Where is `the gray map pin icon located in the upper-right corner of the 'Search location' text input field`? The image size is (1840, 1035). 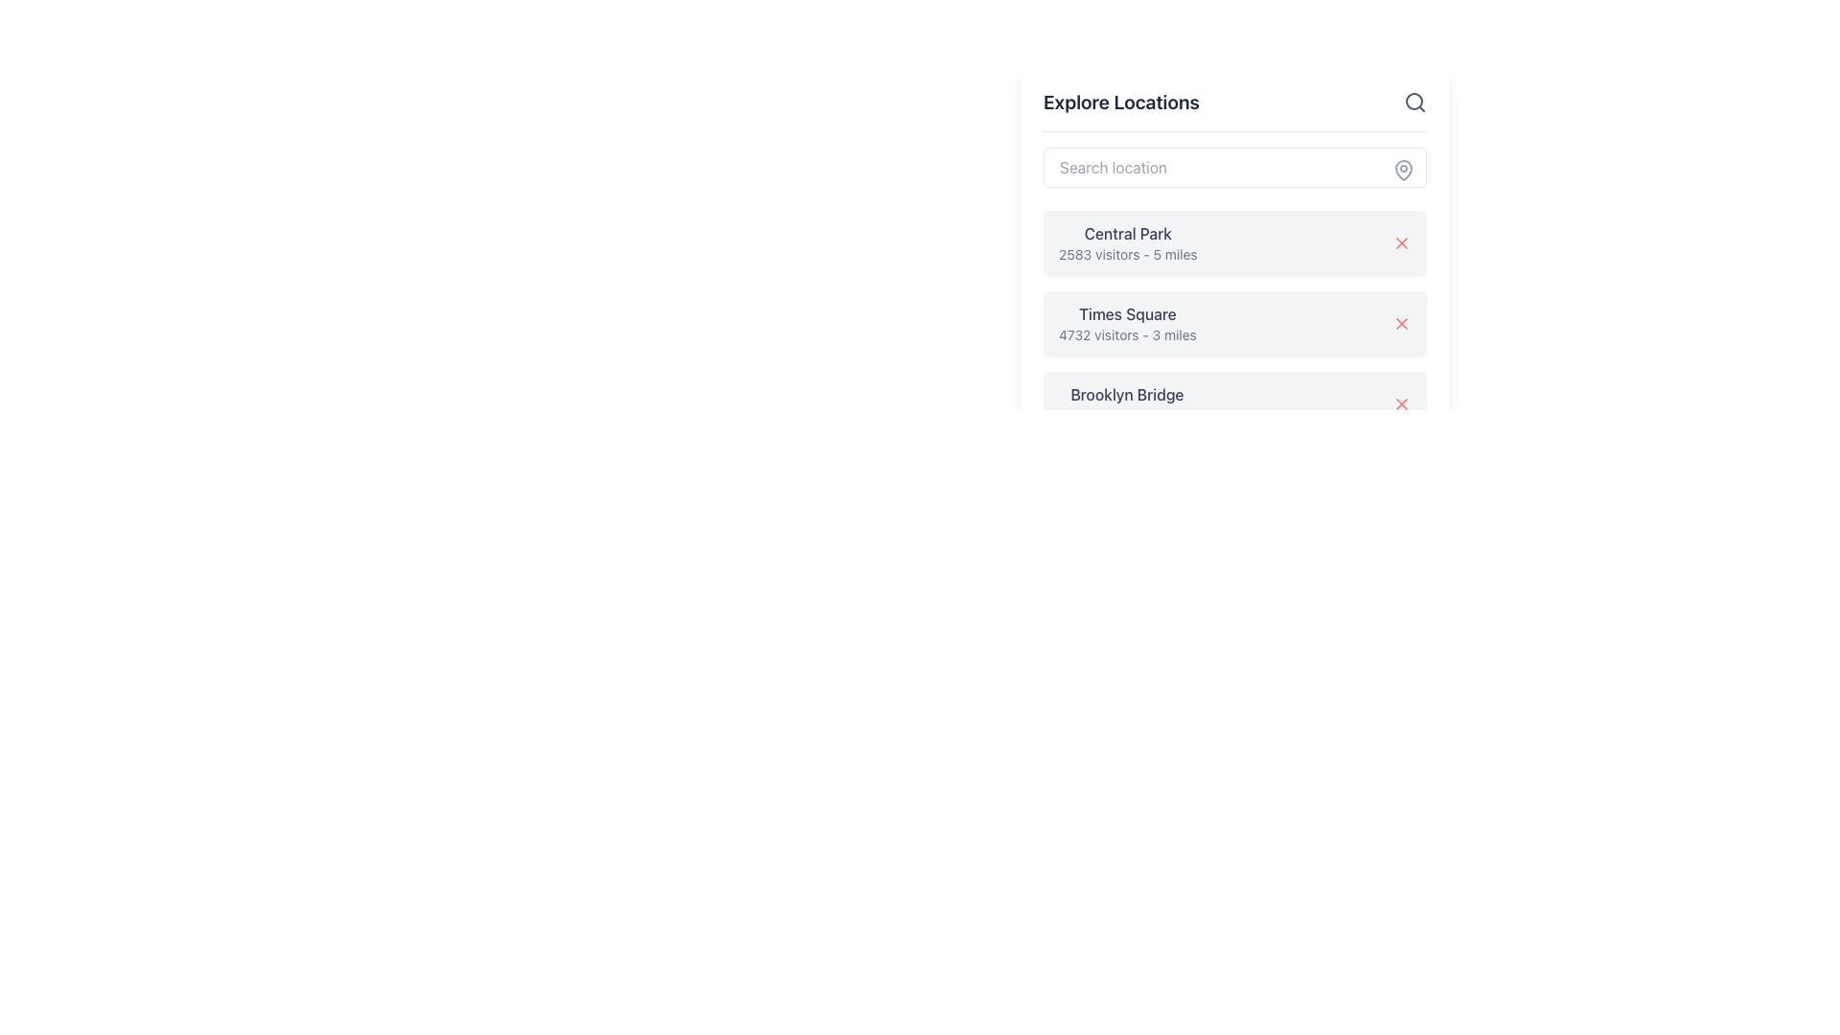
the gray map pin icon located in the upper-right corner of the 'Search location' text input field is located at coordinates (1403, 169).